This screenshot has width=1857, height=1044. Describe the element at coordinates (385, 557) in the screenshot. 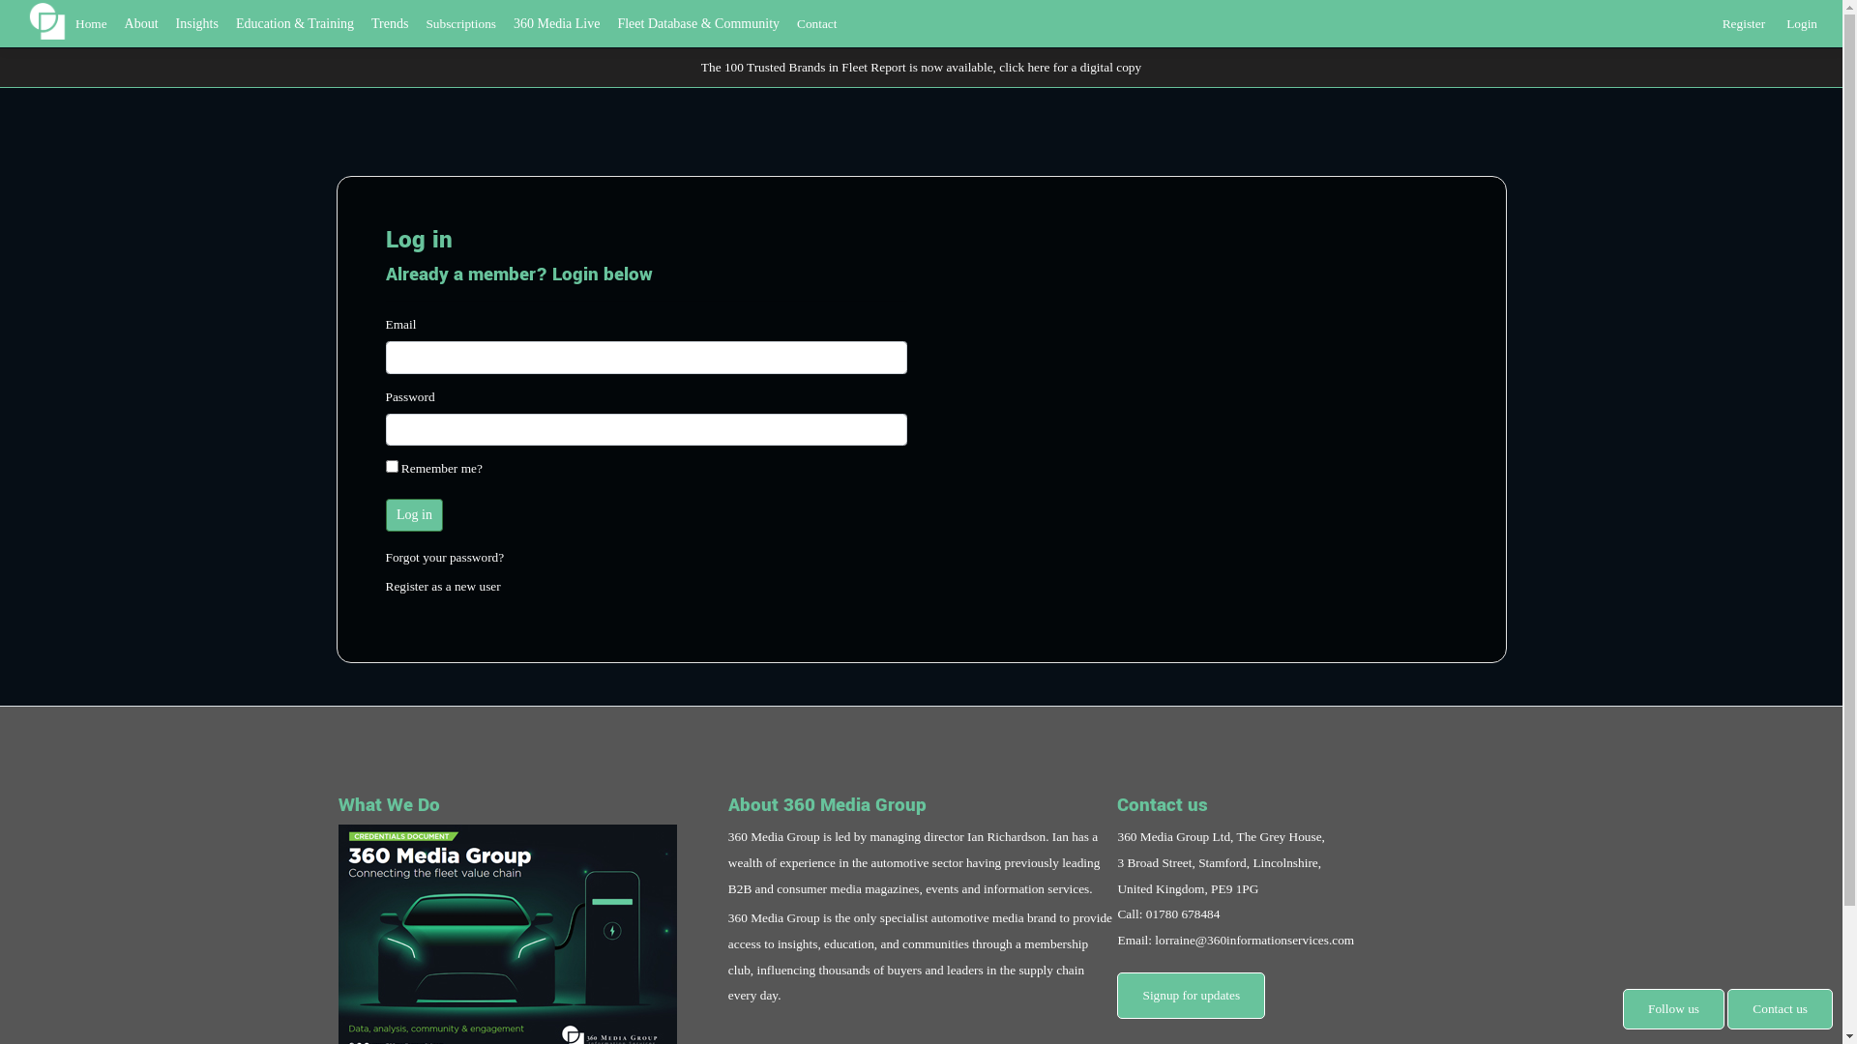

I see `'Forgot your password?'` at that location.